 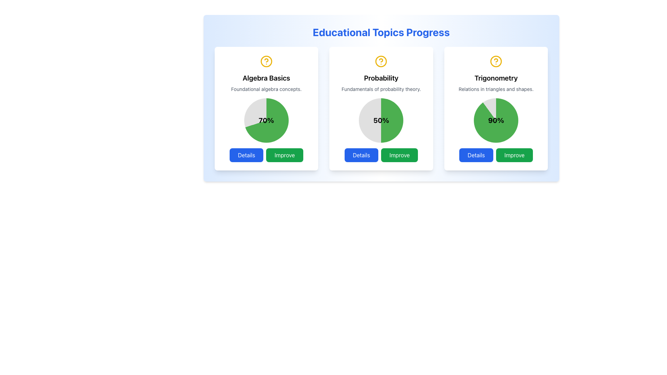 I want to click on the circular yellow icon with a question mark symbol at the top-center of the 'Algebra Basics' card, so click(x=266, y=61).